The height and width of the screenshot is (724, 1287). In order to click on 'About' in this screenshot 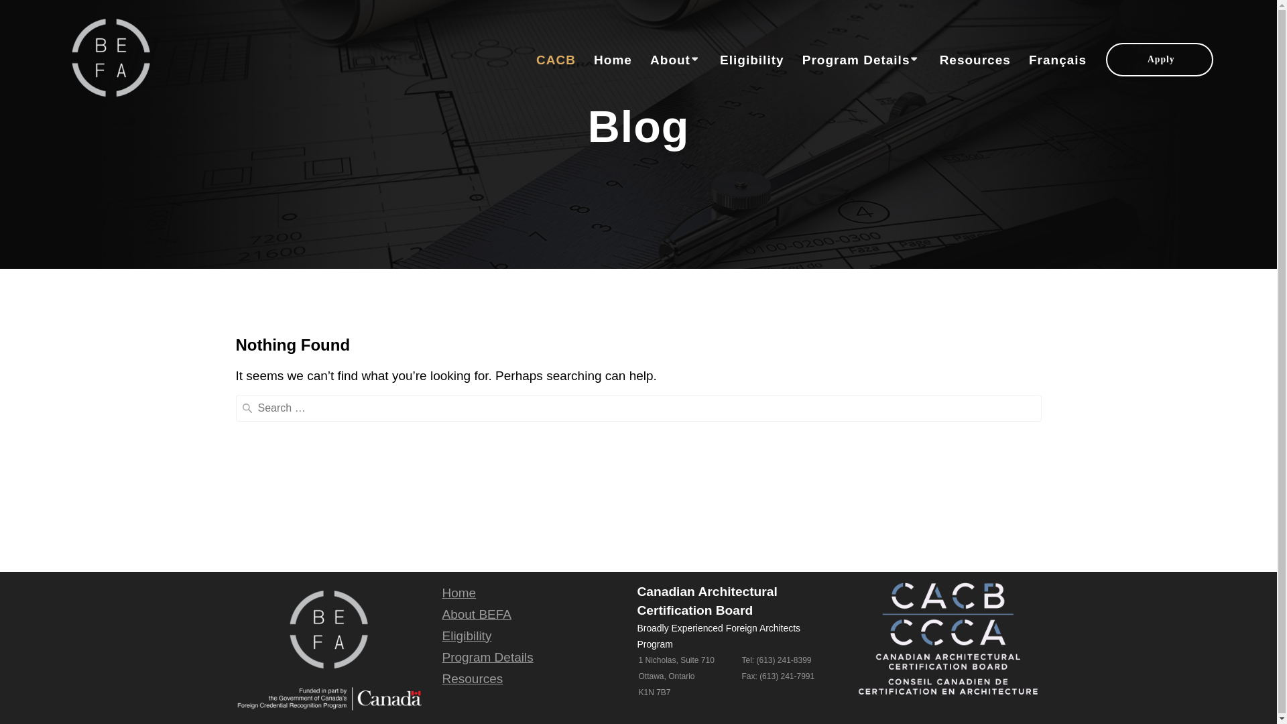, I will do `click(676, 59)`.